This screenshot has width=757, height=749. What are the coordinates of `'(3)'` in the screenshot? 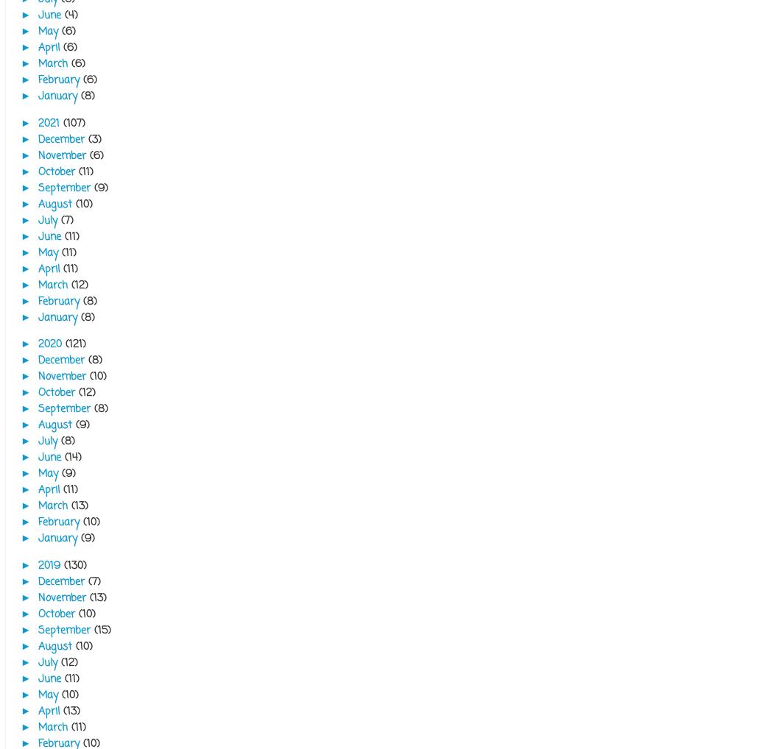 It's located at (95, 139).